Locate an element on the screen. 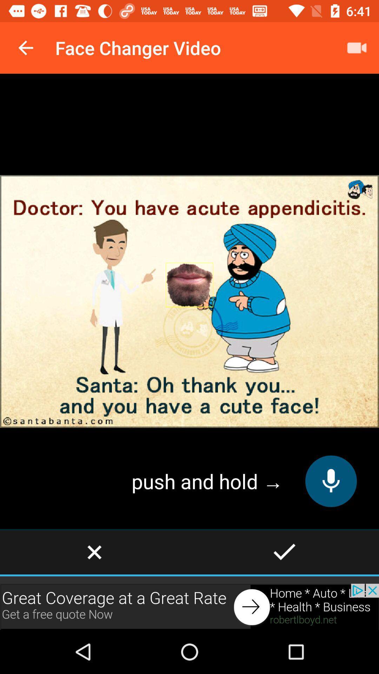 This screenshot has width=379, height=674. open advertisement is located at coordinates (189, 606).